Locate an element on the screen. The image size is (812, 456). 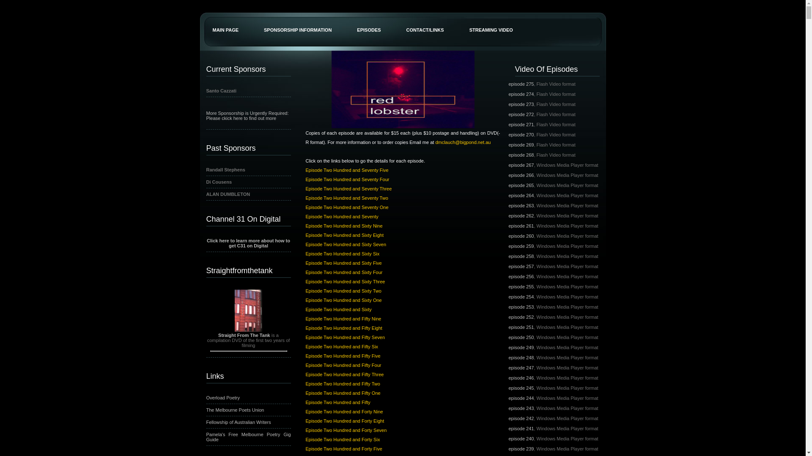
'episode 269' is located at coordinates (521, 144).